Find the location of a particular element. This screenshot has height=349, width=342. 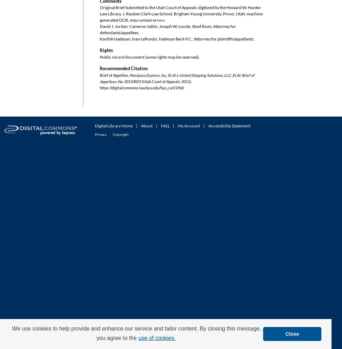

'https://digitalcommons.law.byu.edu/byu_ca3/2960' is located at coordinates (142, 87).